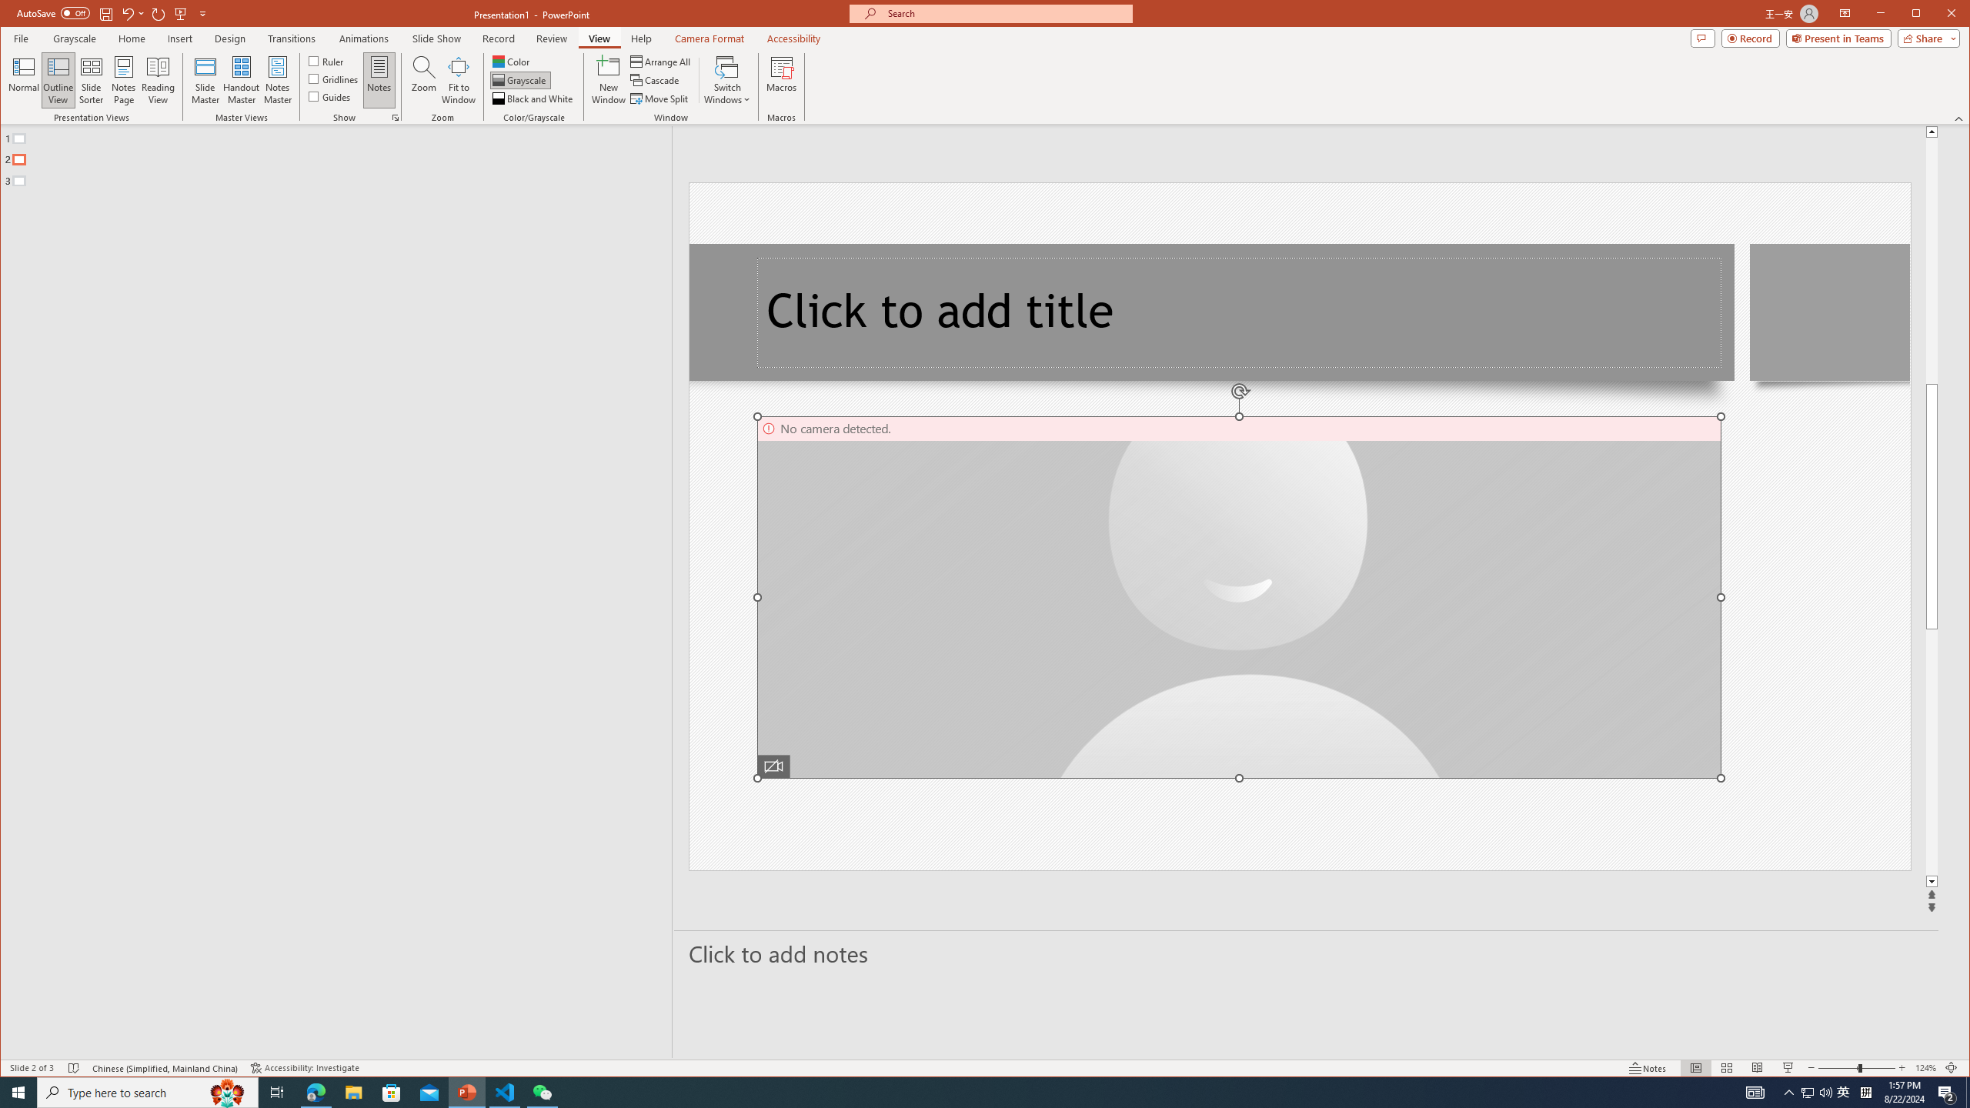  What do you see at coordinates (1788, 1091) in the screenshot?
I see `'Notification Chevron'` at bounding box center [1788, 1091].